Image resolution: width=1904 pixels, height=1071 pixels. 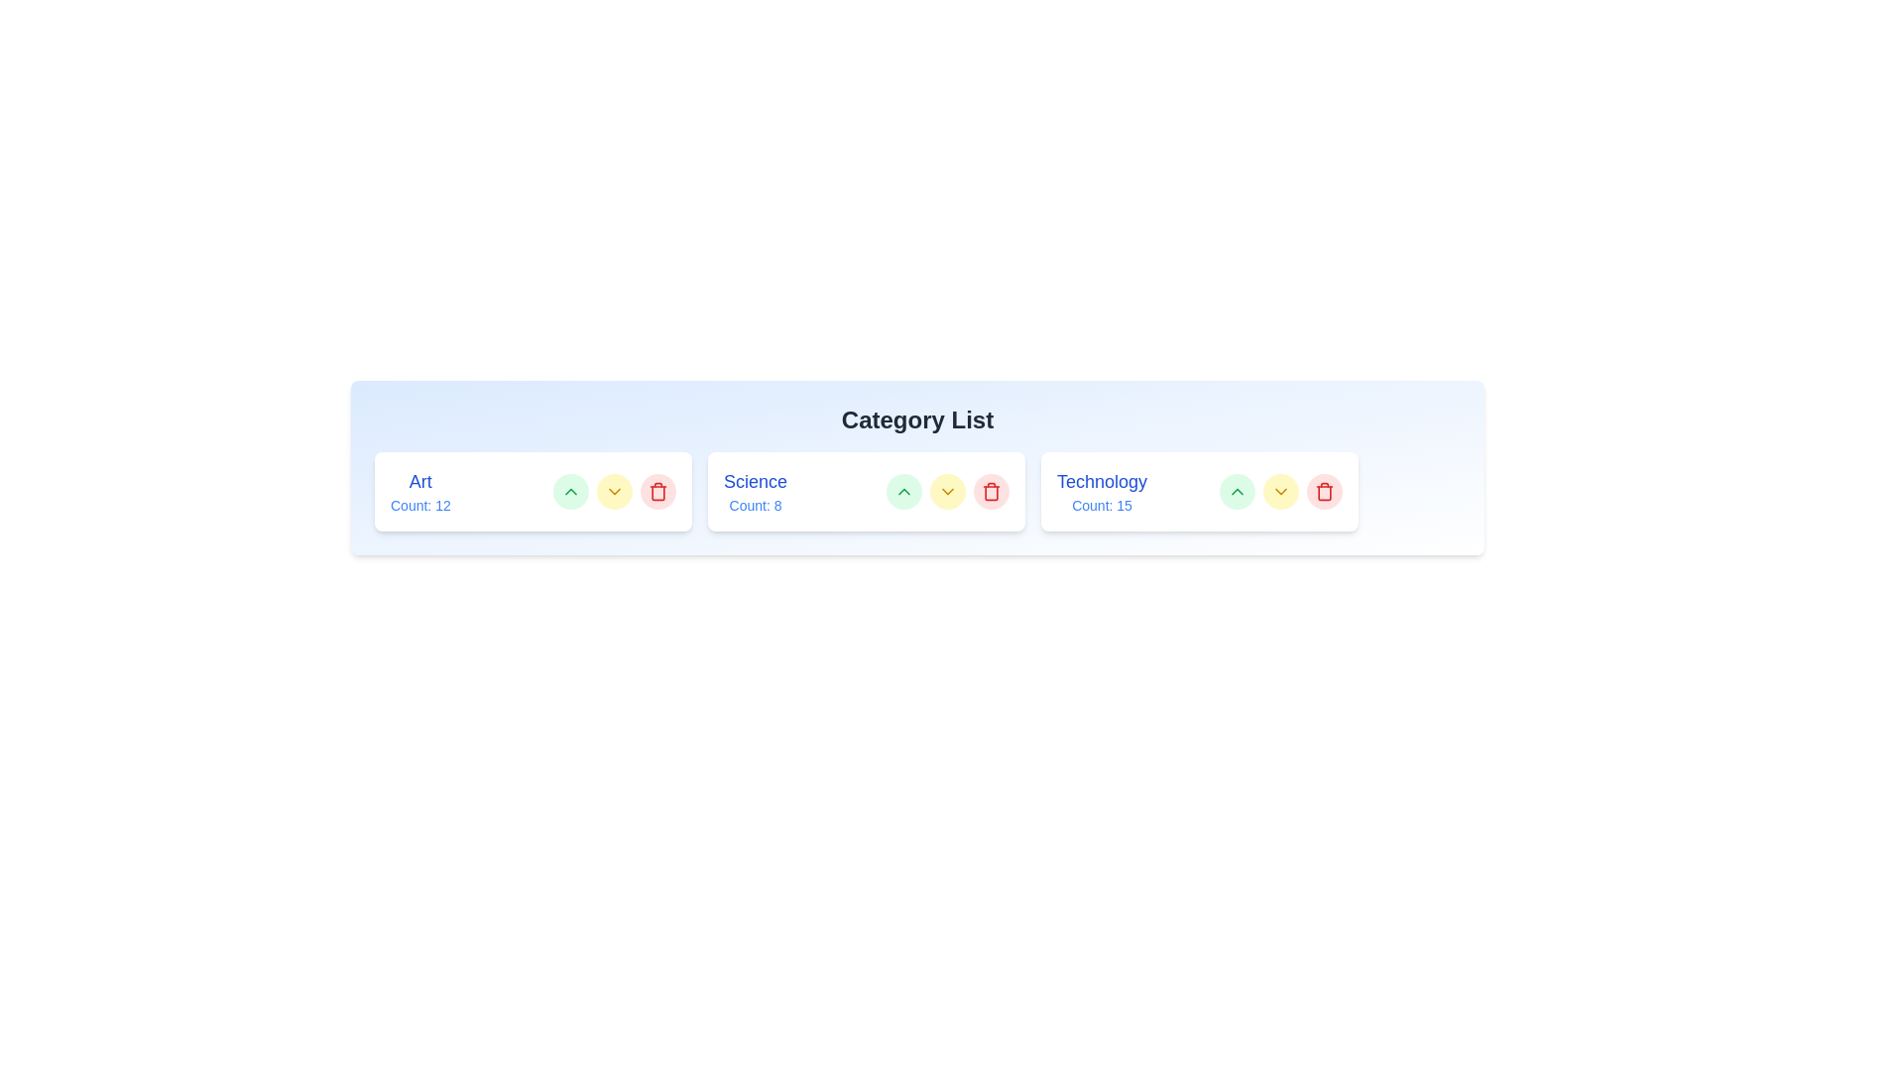 What do you see at coordinates (657, 491) in the screenshot?
I see `'Trash' button for the category Art` at bounding box center [657, 491].